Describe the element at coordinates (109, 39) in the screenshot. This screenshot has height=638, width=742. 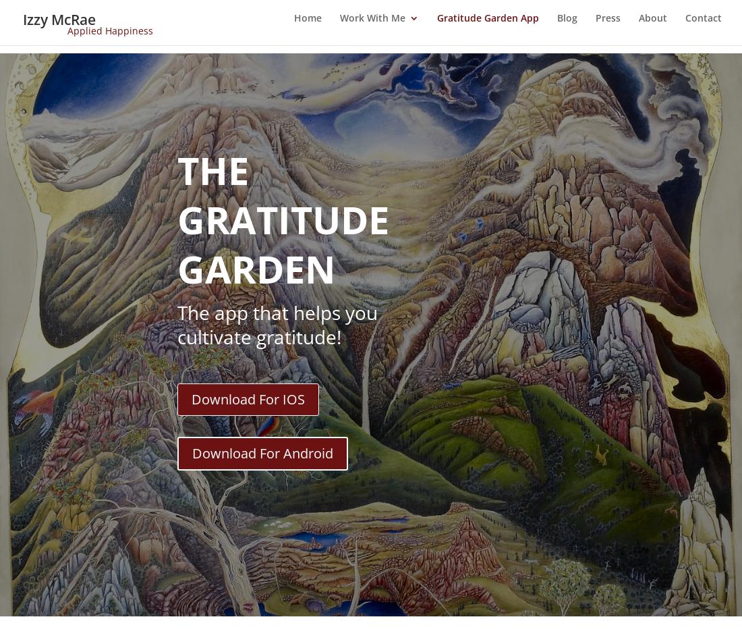
I see `'Applied Happiness'` at that location.